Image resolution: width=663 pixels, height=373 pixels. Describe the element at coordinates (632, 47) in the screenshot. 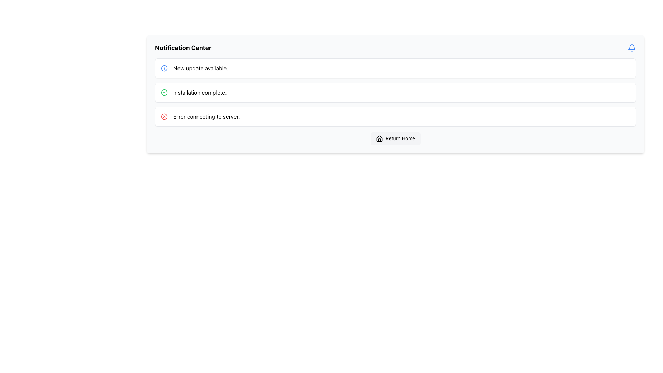

I see `the blue bell-shaped notification icon located at the far-right edge of the 'Notification Center' panel` at that location.